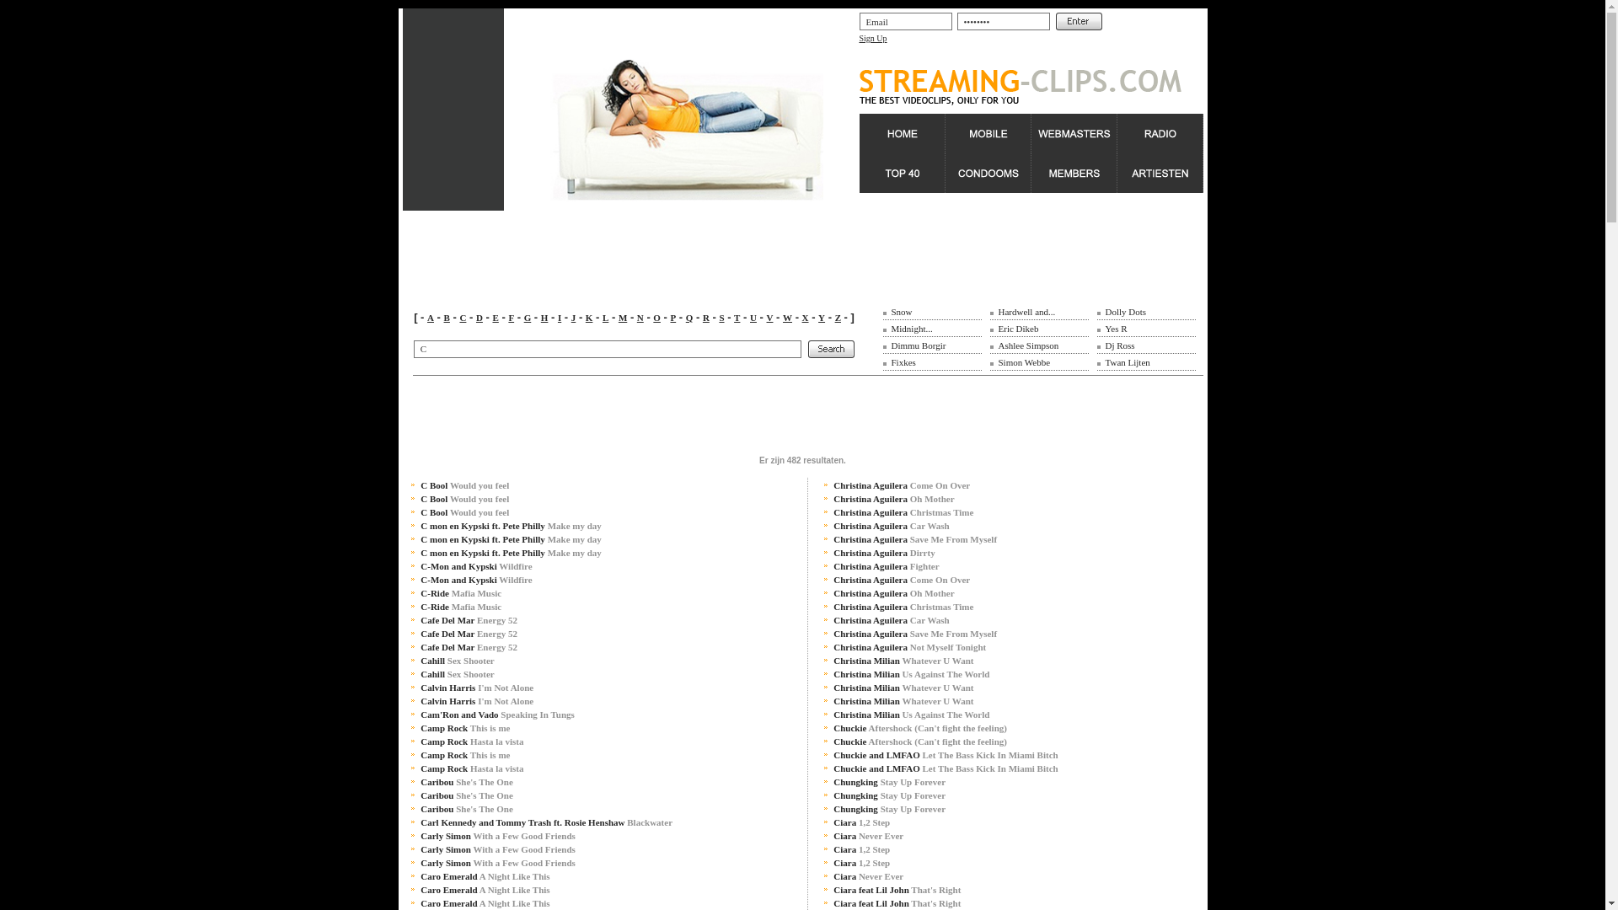 The image size is (1618, 910). I want to click on 'F', so click(510, 318).